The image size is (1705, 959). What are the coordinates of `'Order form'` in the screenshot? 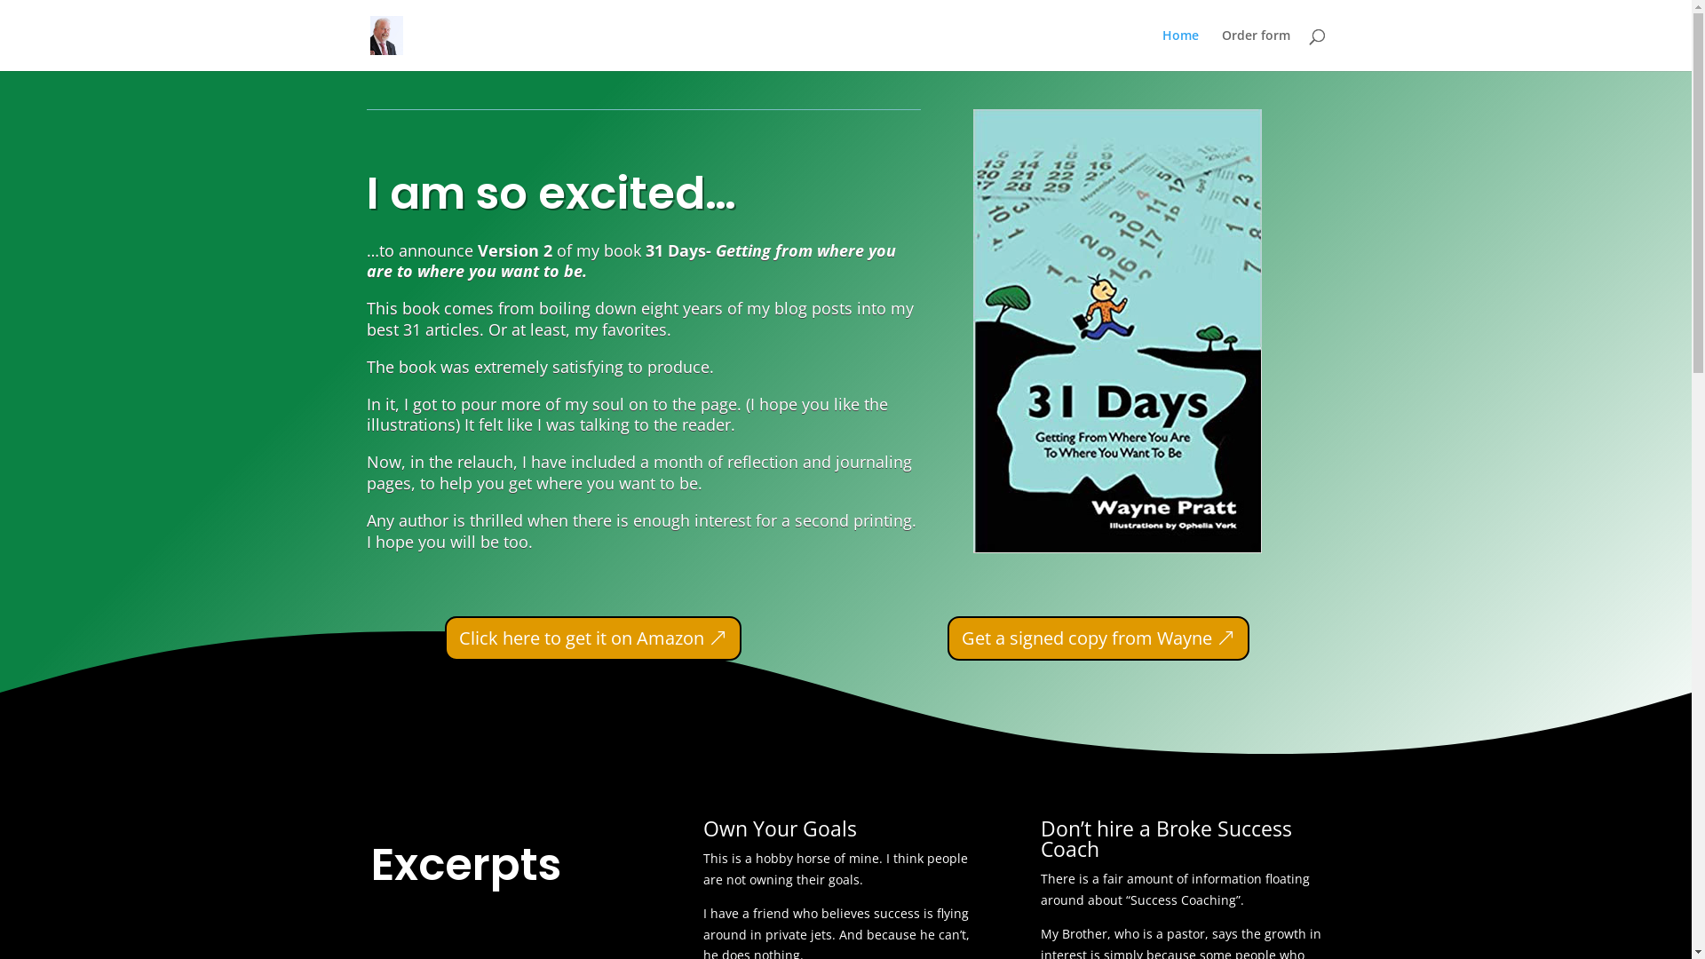 It's located at (1255, 49).